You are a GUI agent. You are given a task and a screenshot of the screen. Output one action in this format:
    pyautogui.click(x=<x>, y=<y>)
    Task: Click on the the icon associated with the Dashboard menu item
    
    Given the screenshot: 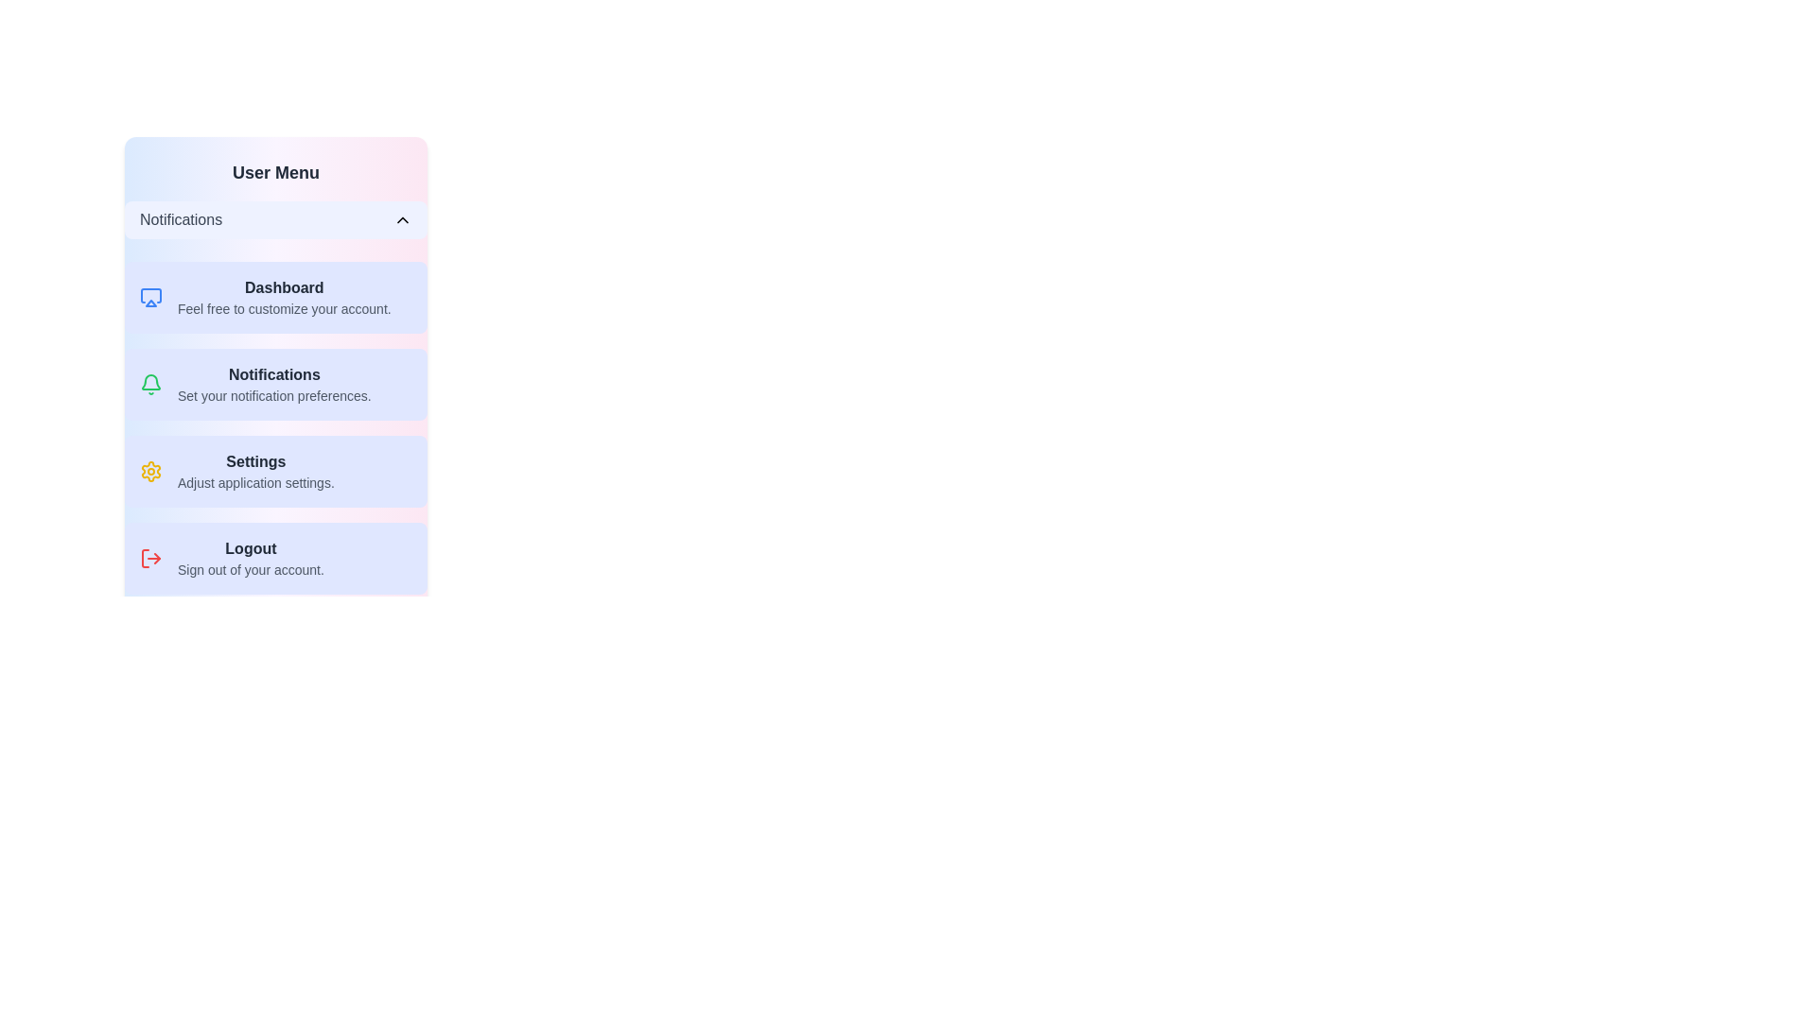 What is the action you would take?
    pyautogui.click(x=149, y=298)
    